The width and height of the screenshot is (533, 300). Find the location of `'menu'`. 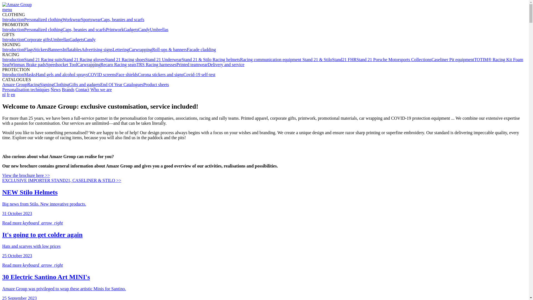

'menu' is located at coordinates (7, 9).